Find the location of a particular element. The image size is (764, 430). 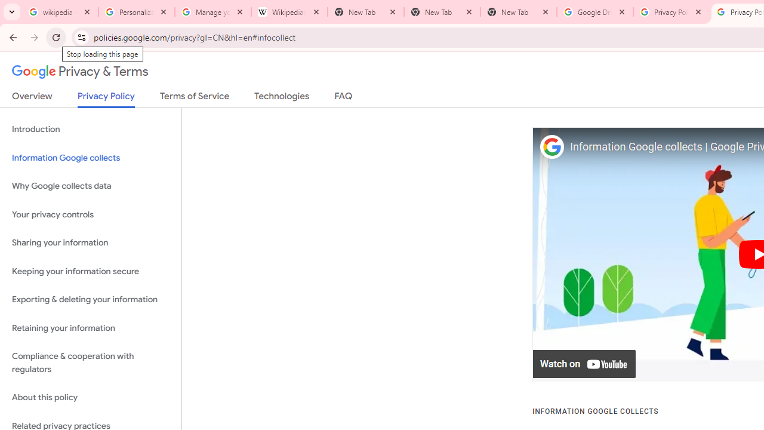

'Overview' is located at coordinates (32, 98).